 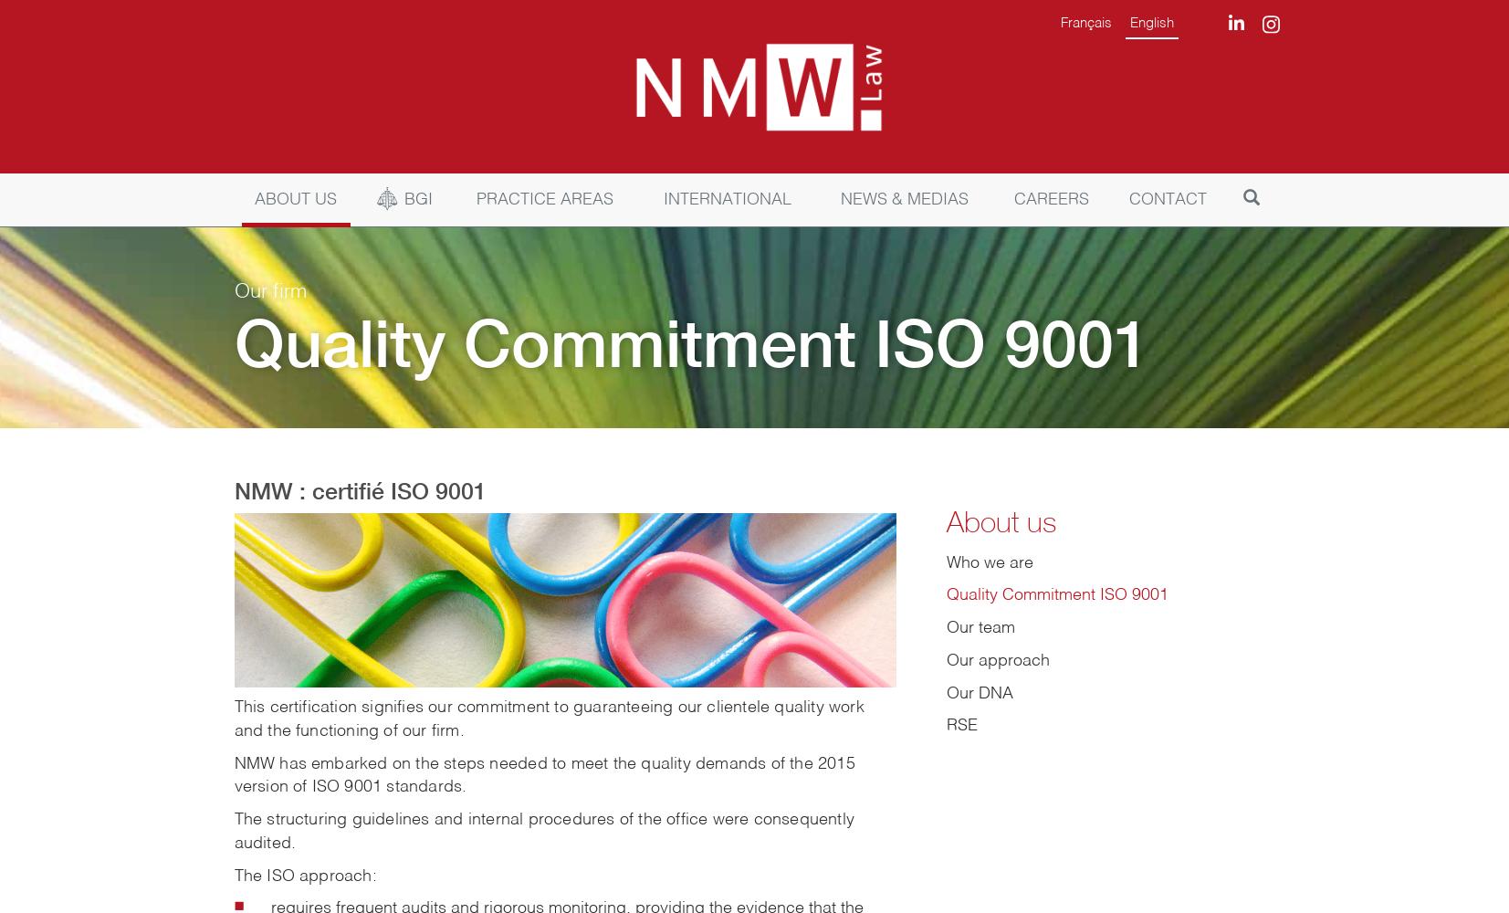 What do you see at coordinates (662, 198) in the screenshot?
I see `'INTERNATIONAL'` at bounding box center [662, 198].